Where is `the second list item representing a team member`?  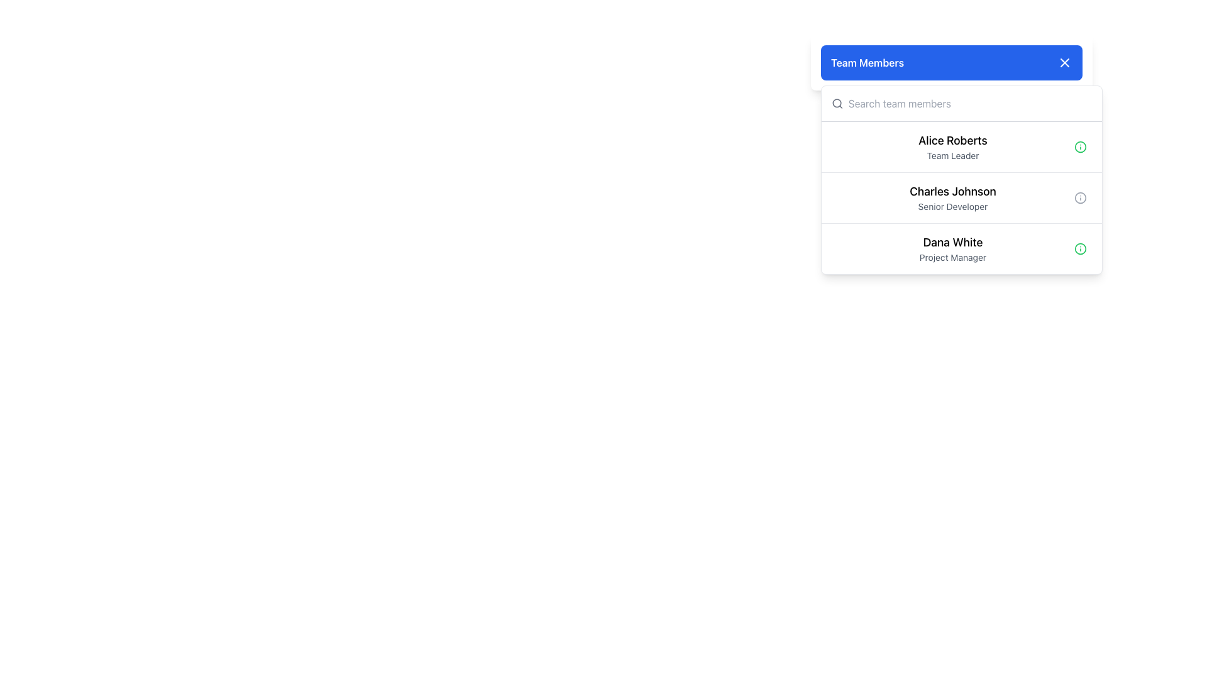
the second list item representing a team member is located at coordinates (961, 197).